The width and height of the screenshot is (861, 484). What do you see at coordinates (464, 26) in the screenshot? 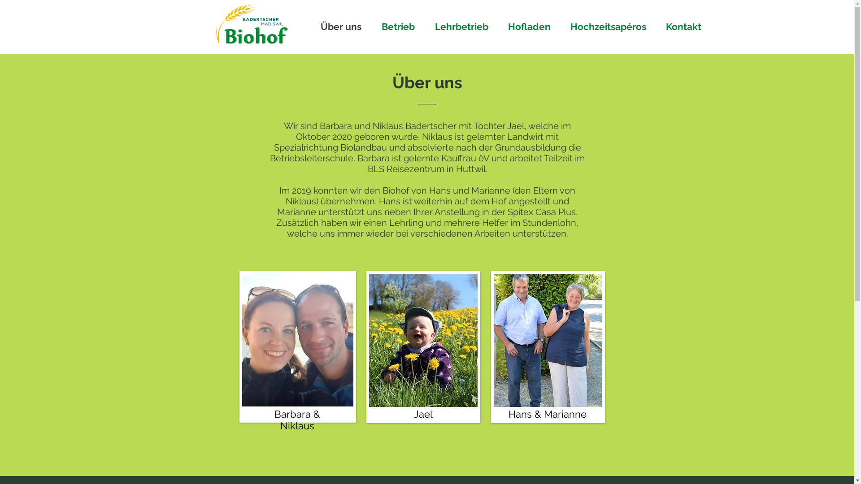
I see `'Lehrbetrieb'` at bounding box center [464, 26].